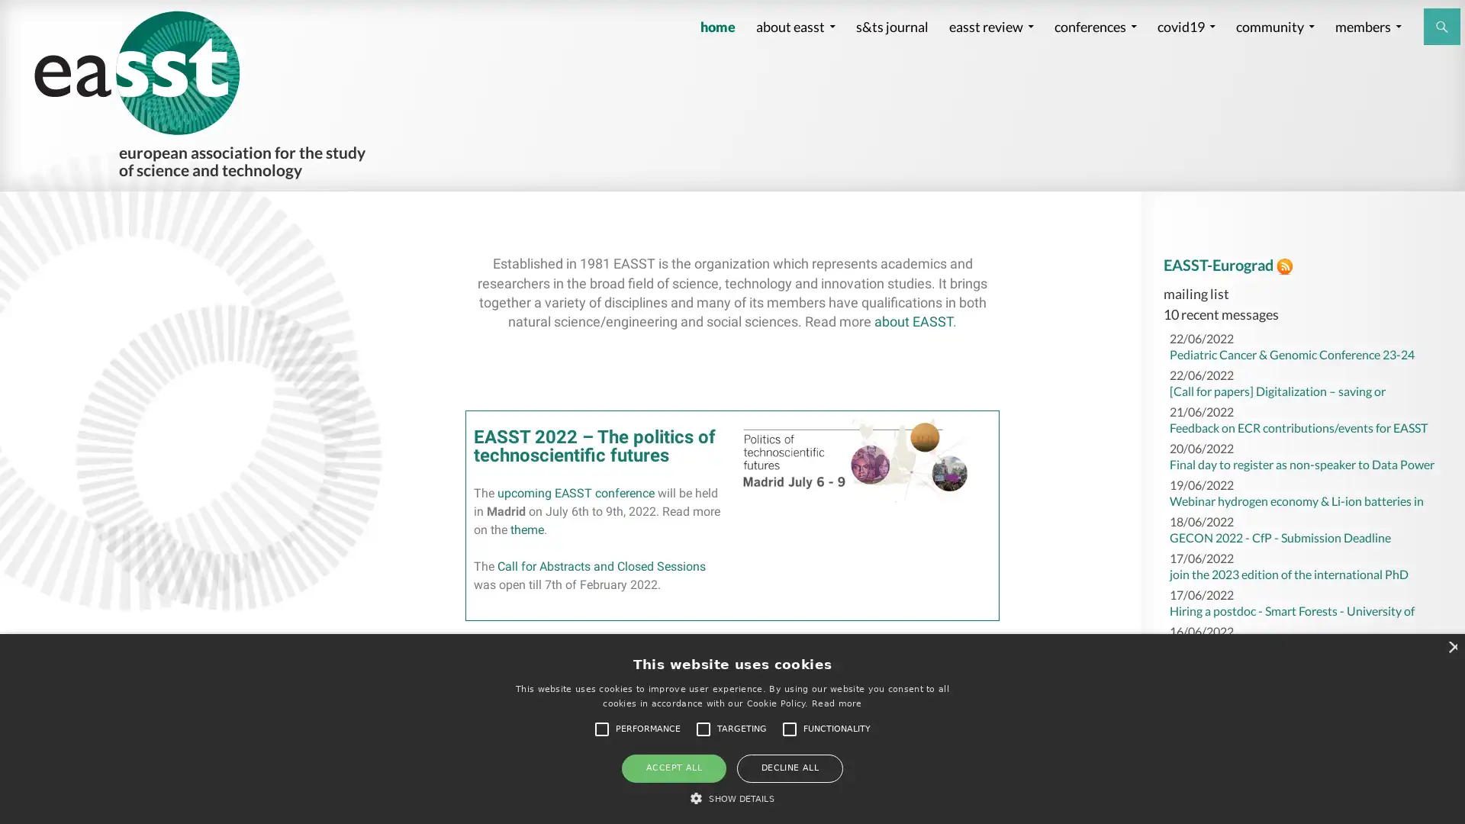 The image size is (1465, 824). What do you see at coordinates (673, 768) in the screenshot?
I see `ACCEPT ALL` at bounding box center [673, 768].